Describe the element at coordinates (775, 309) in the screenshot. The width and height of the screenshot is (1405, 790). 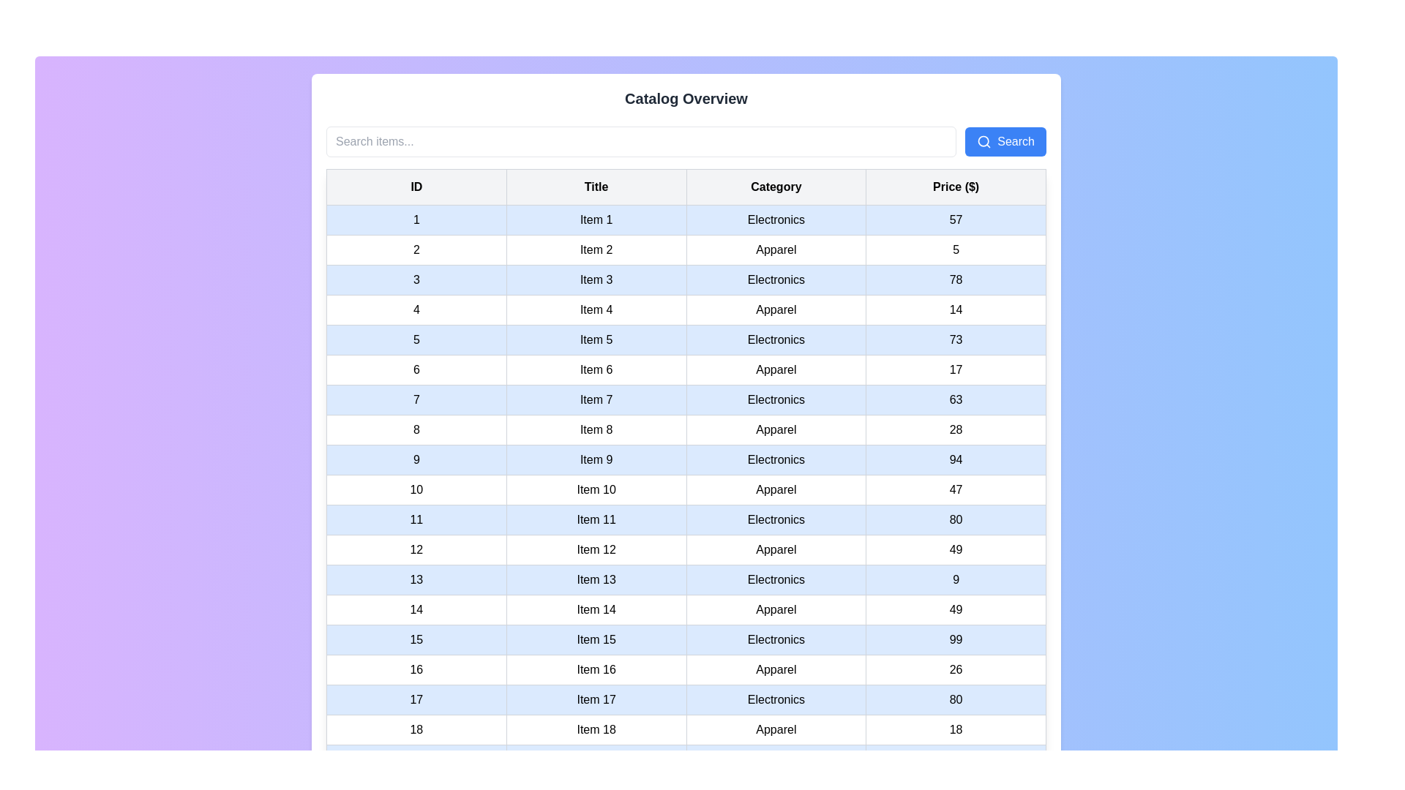
I see `the category name text in the table located in the 'Category' column, third from the left, and fourth row` at that location.